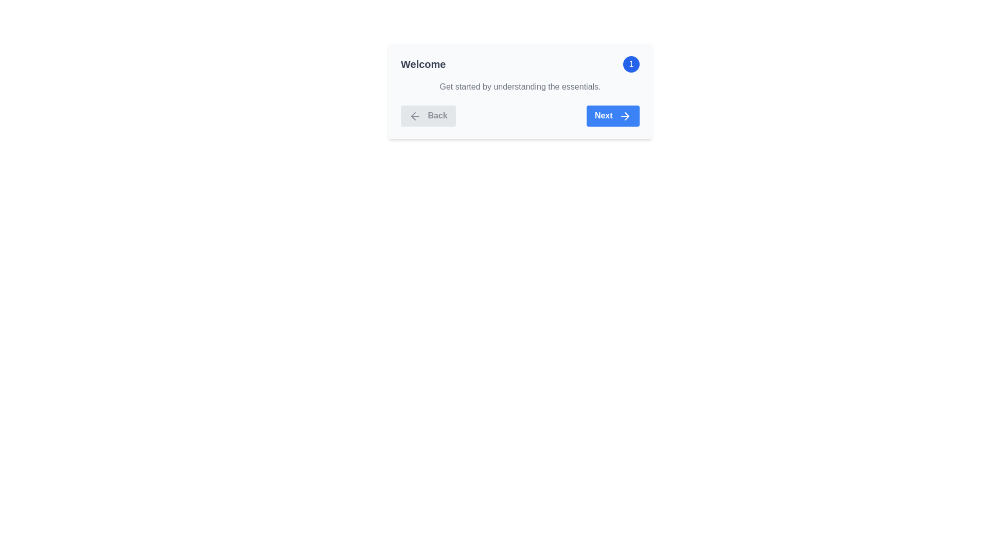 Image resolution: width=988 pixels, height=556 pixels. Describe the element at coordinates (413, 116) in the screenshot. I see `the left-pointing arrow icon within the 'Back' button` at that location.